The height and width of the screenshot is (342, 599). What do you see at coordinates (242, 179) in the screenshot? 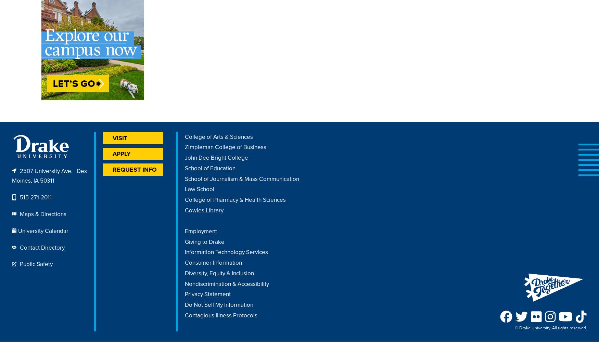
I see `'School of Journalism & Mass Communication'` at bounding box center [242, 179].